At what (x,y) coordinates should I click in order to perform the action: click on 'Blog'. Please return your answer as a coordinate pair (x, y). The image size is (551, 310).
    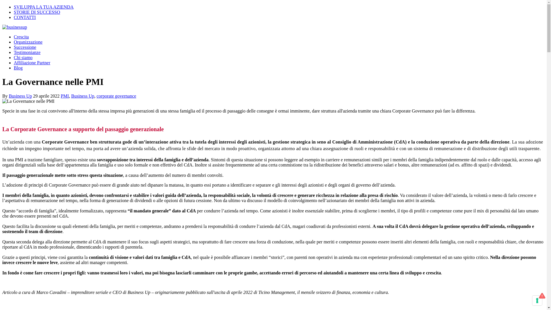
    Looking at the image, I should click on (18, 67).